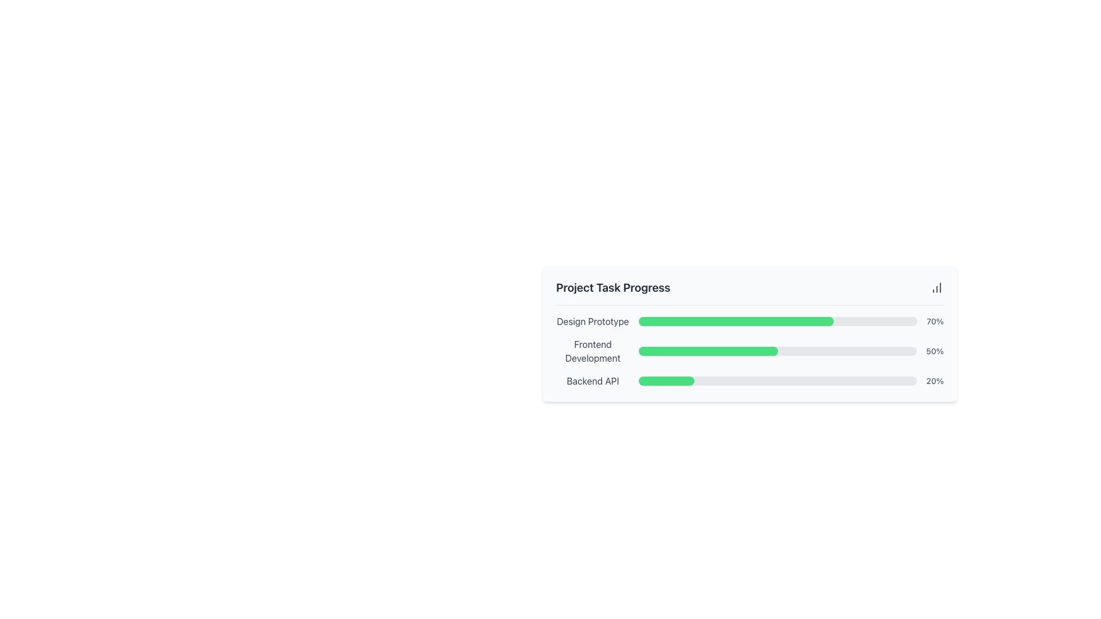 Image resolution: width=1101 pixels, height=619 pixels. What do you see at coordinates (750, 334) in the screenshot?
I see `task title and completion percentage of the second progress indicator labeled 'Frontend Development' in the Progress tracker` at bounding box center [750, 334].